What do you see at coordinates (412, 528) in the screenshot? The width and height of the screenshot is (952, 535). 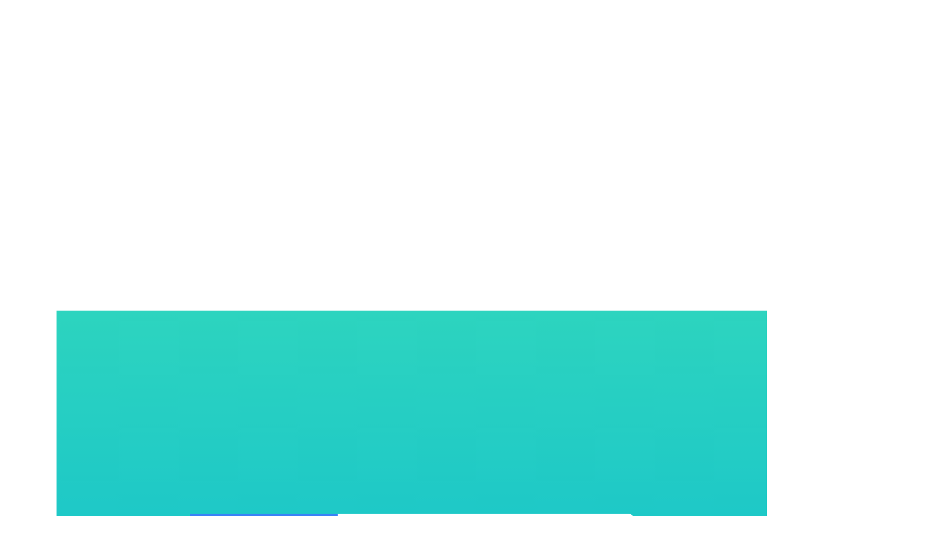 I see `the tab labeled Settings` at bounding box center [412, 528].